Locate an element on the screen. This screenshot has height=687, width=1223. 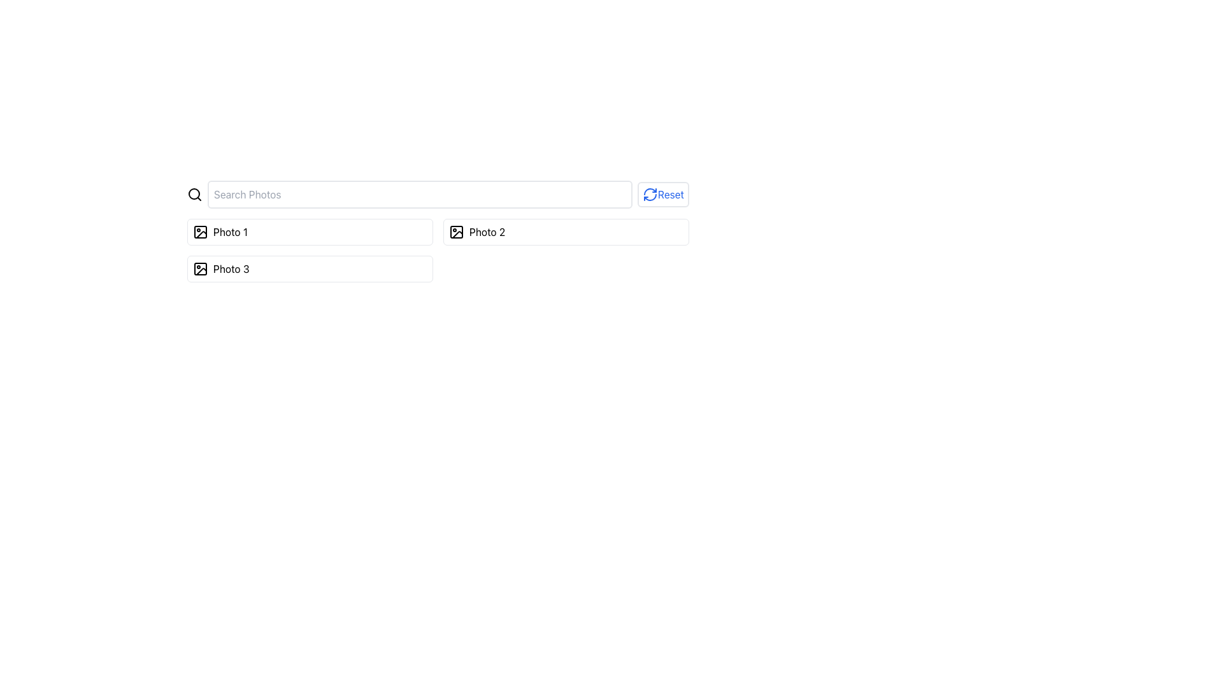
the small SVG icon depicting a picture frame at the start of the row labeled 'Photo 3' is located at coordinates (200, 268).